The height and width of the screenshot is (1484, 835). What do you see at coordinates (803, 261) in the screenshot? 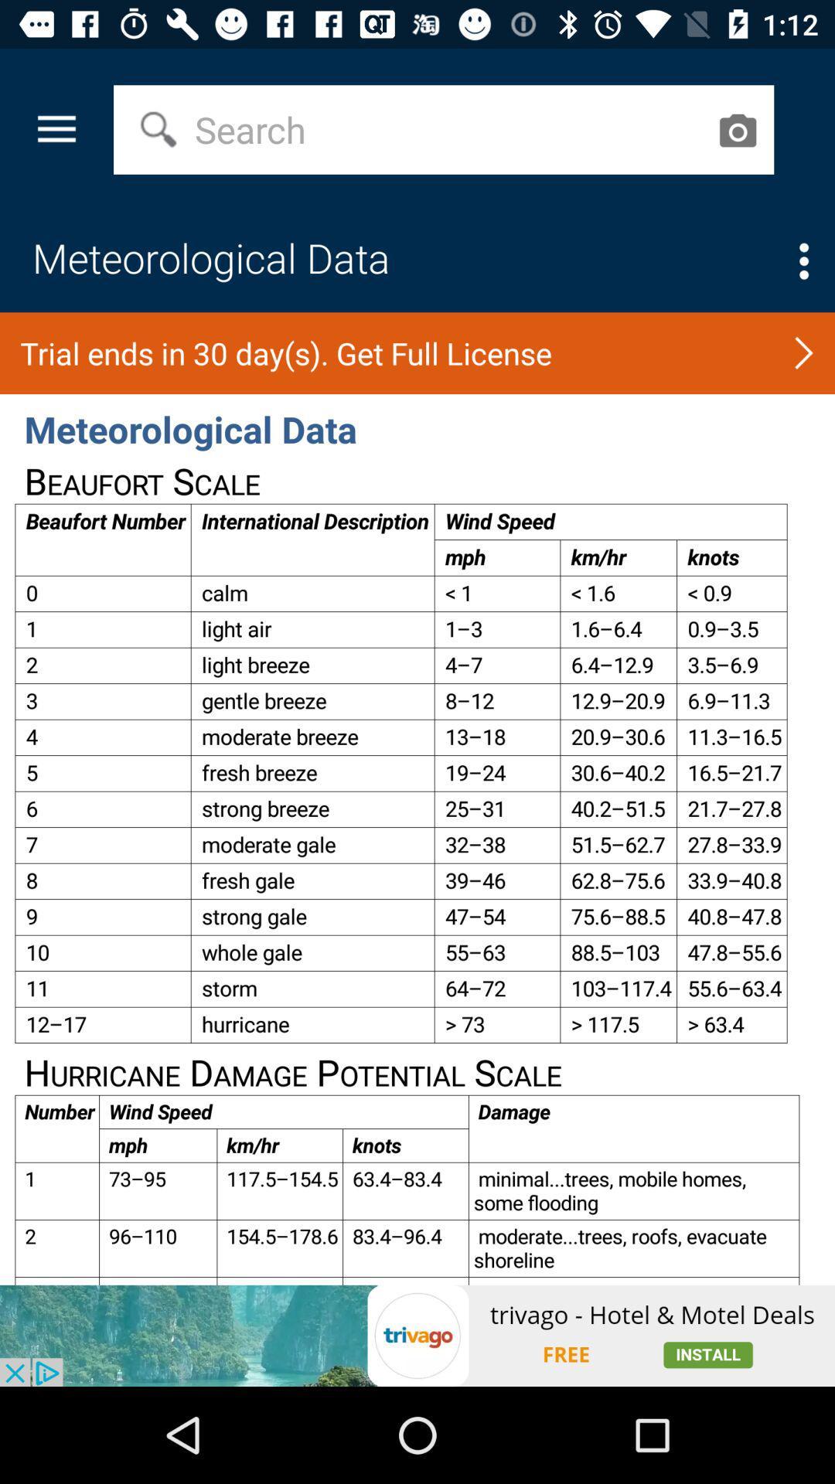
I see `more options` at bounding box center [803, 261].